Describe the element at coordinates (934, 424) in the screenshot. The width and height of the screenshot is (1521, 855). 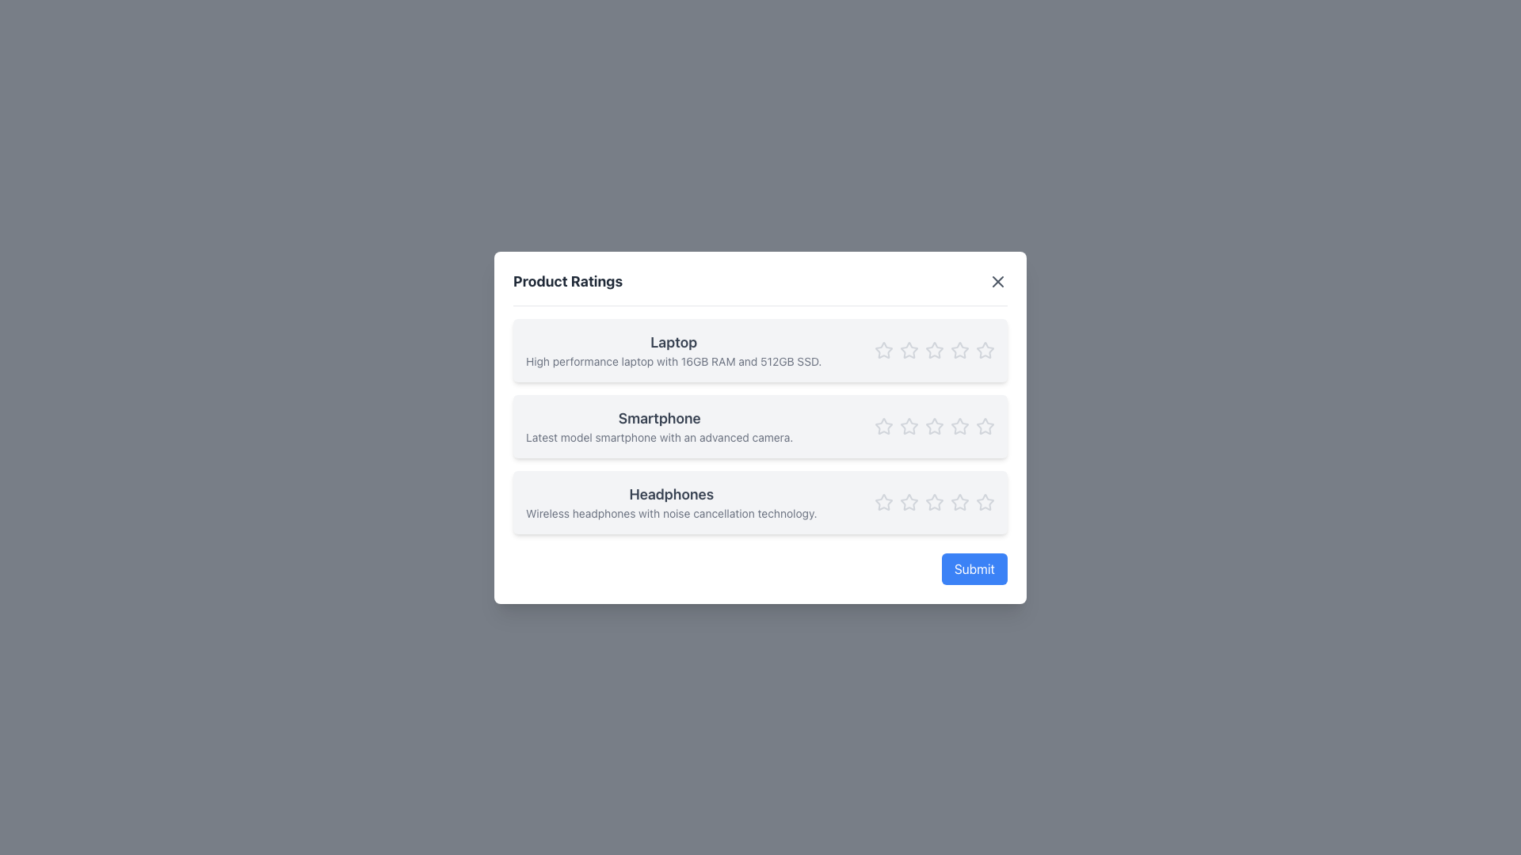
I see `the third star in the row of five stars in the 'Product Ratings' dialog box to rate the 'Smartphone' item` at that location.